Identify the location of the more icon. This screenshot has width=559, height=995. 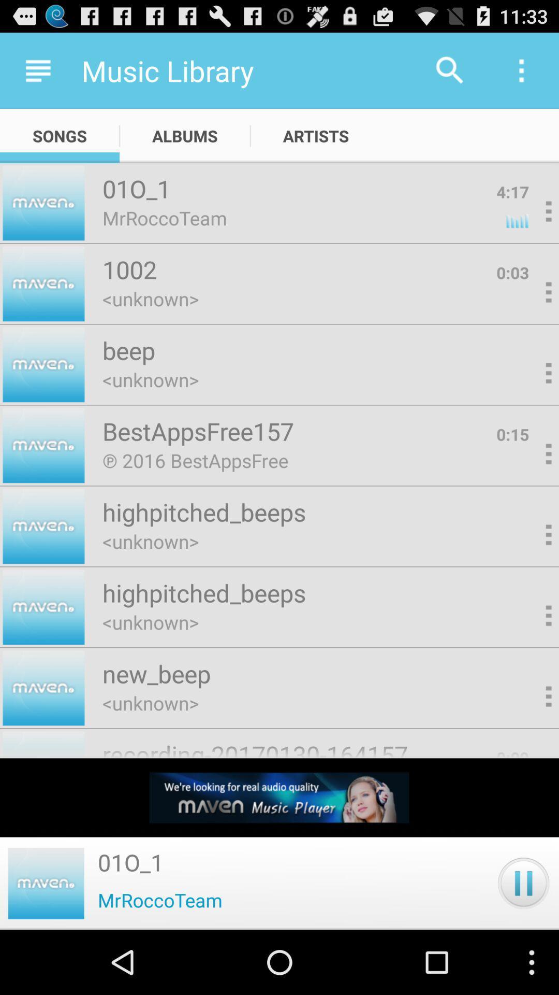
(532, 486).